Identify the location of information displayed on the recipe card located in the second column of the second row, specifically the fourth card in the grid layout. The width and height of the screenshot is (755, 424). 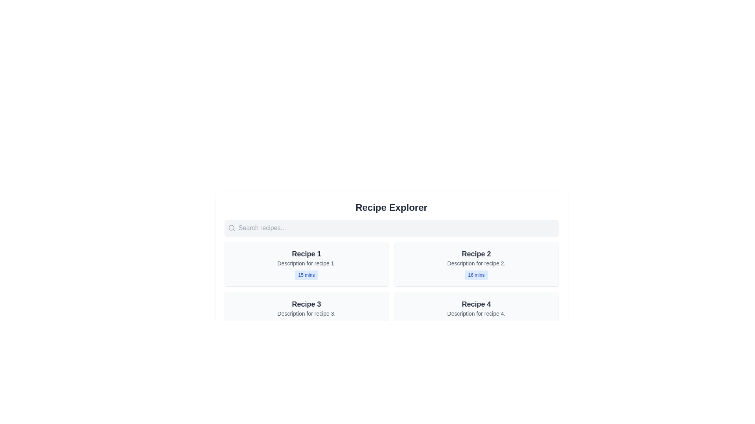
(476, 314).